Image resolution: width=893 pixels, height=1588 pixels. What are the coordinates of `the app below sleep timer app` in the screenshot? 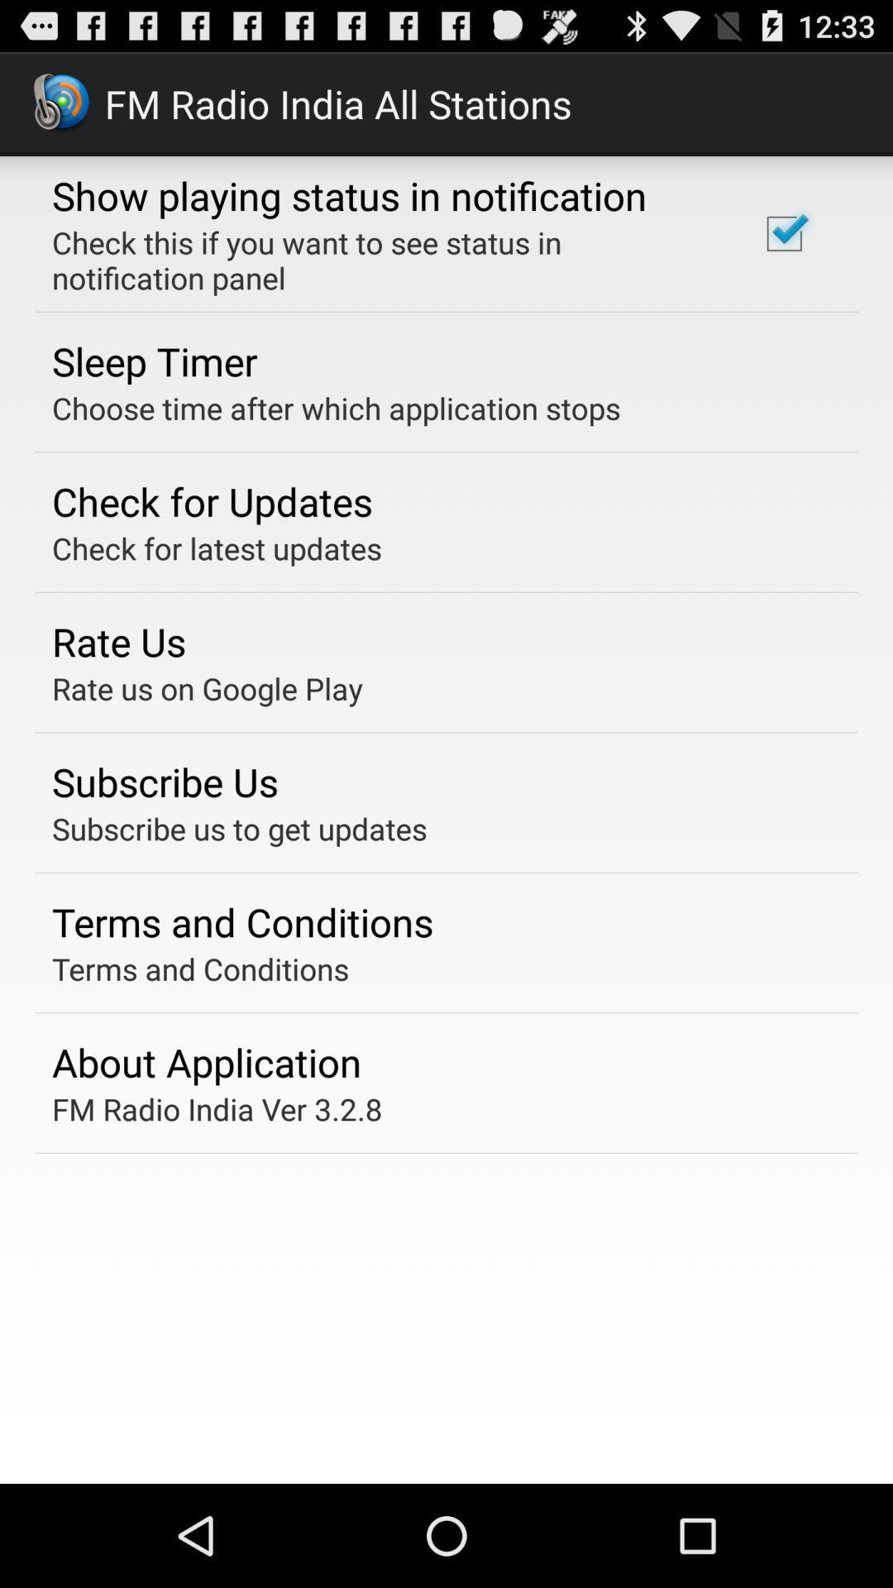 It's located at (335, 408).